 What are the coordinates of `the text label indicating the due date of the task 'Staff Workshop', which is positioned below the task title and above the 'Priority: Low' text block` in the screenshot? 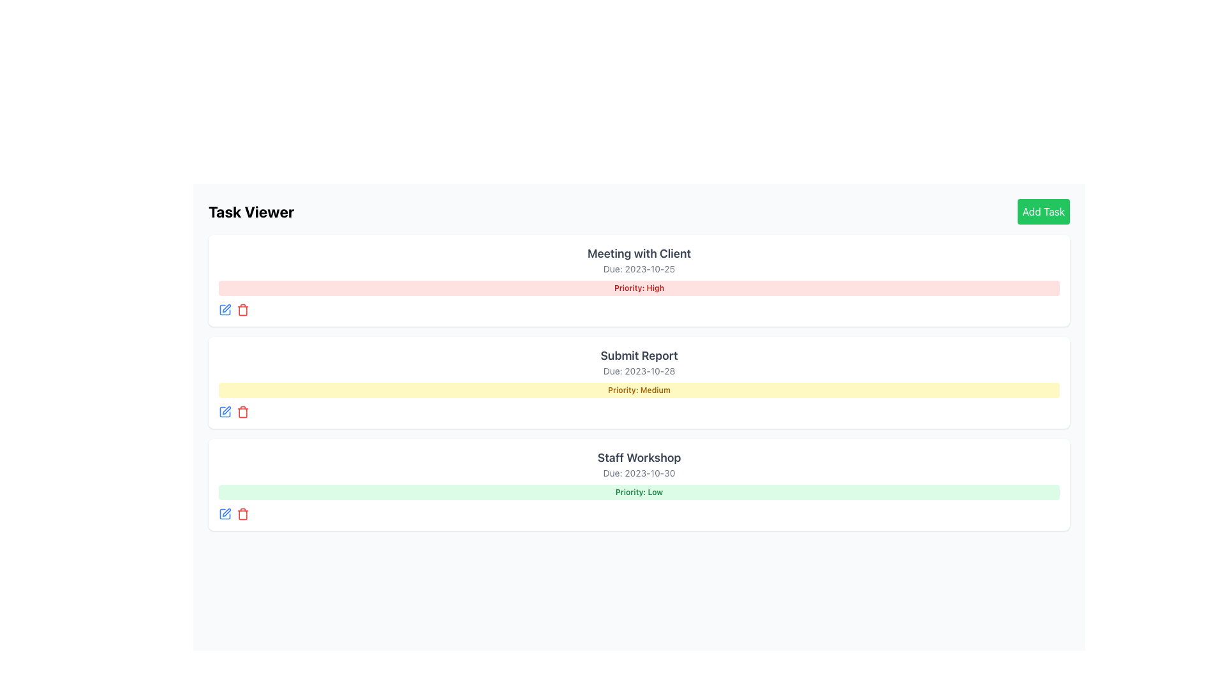 It's located at (639, 473).